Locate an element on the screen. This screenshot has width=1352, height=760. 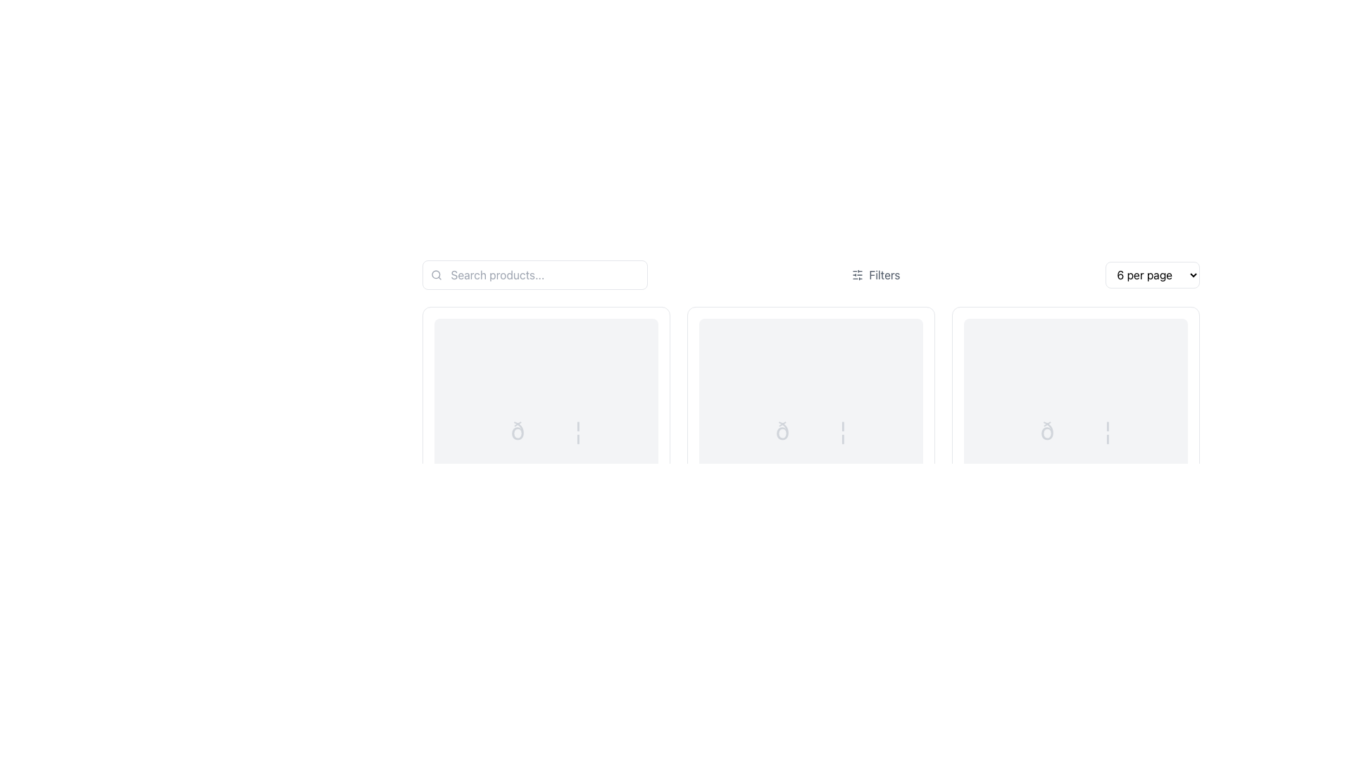
the filtering options button, which is centrally located in the interface, positioned to the right of the search bar and left of the '6 per page' dropdown menu is located at coordinates (875, 274).